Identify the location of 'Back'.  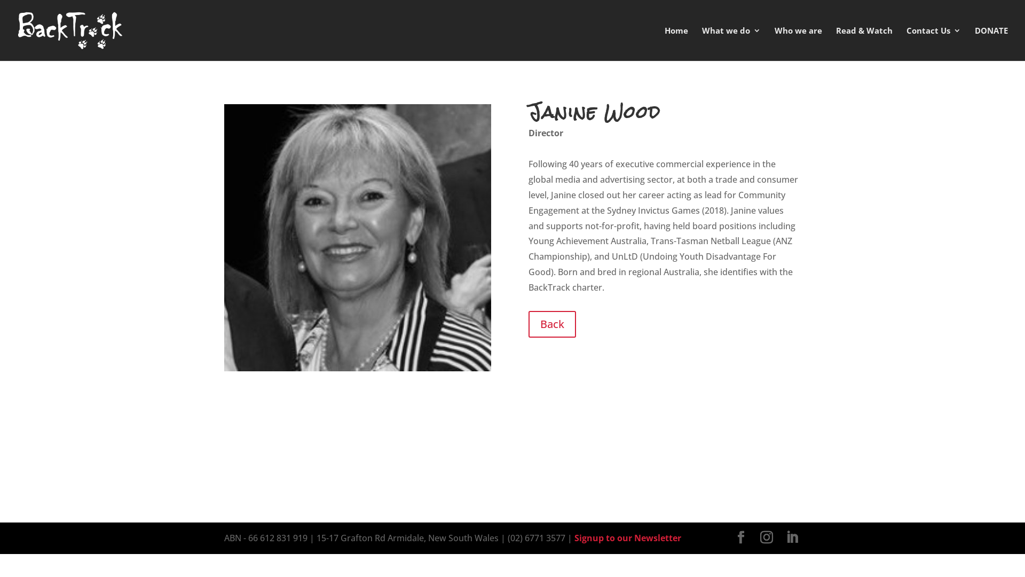
(552, 323).